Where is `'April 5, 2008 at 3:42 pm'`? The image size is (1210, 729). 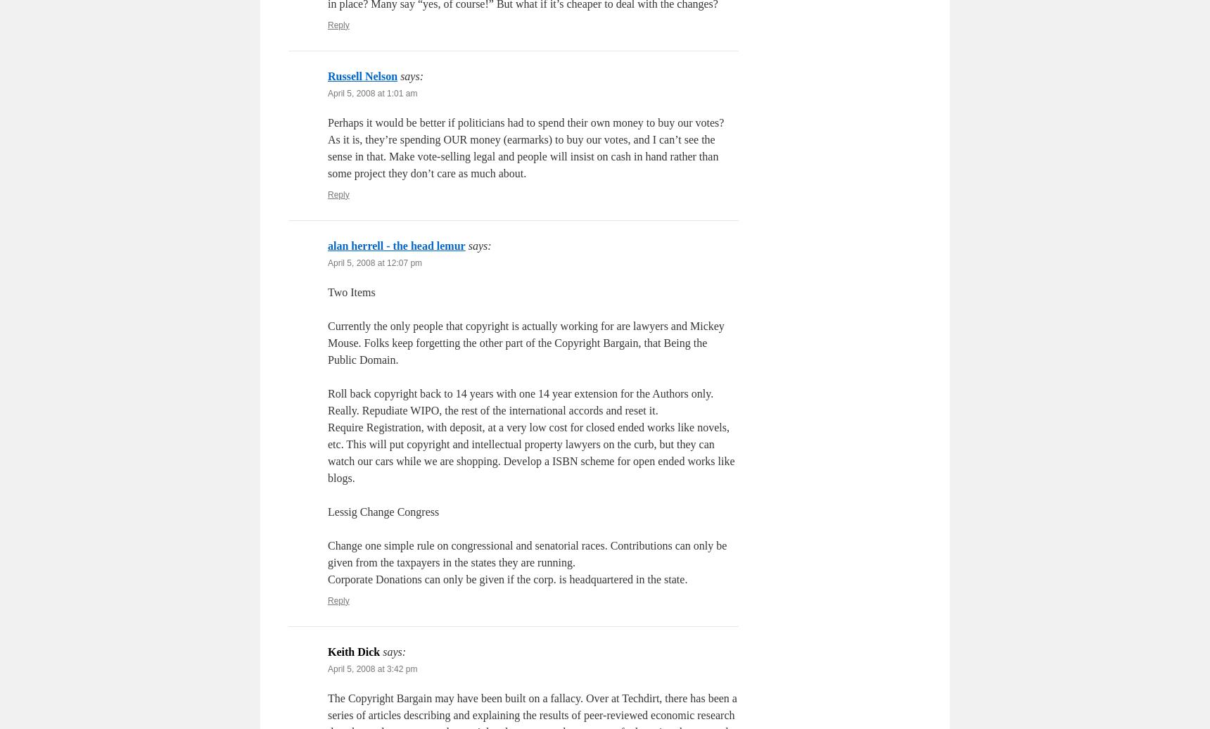
'April 5, 2008 at 3:42 pm' is located at coordinates (372, 668).